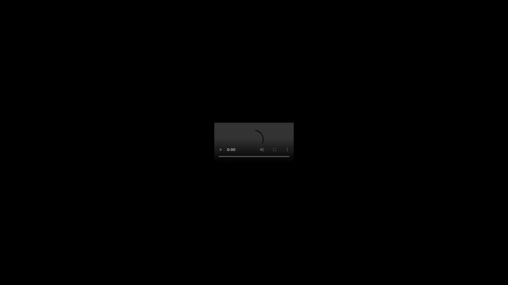 Image resolution: width=508 pixels, height=285 pixels. I want to click on enter full screen, so click(274, 150).